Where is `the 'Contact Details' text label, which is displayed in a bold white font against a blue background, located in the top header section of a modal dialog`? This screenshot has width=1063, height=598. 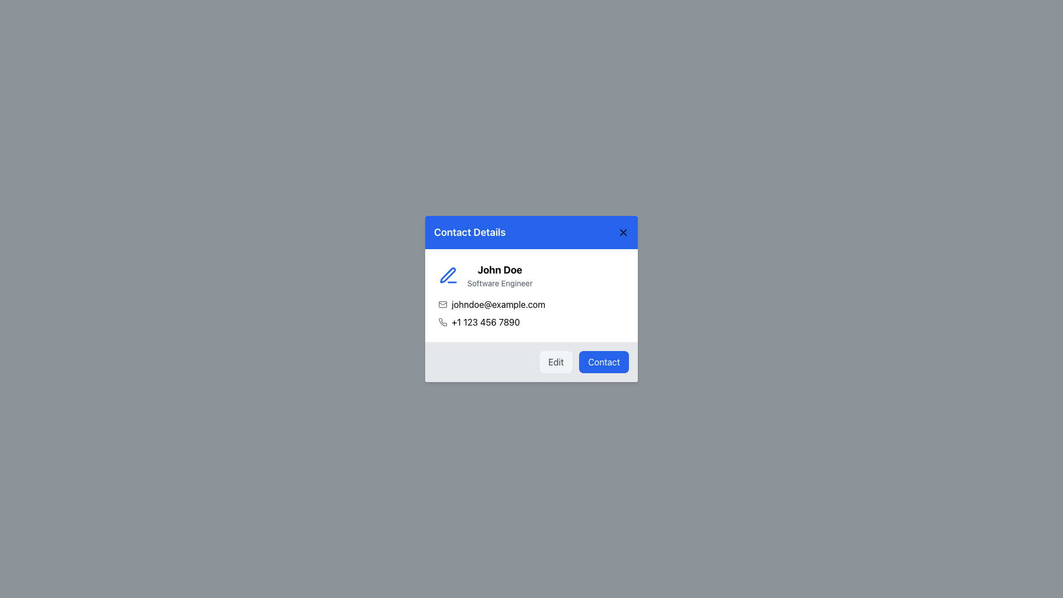
the 'Contact Details' text label, which is displayed in a bold white font against a blue background, located in the top header section of a modal dialog is located at coordinates (469, 232).